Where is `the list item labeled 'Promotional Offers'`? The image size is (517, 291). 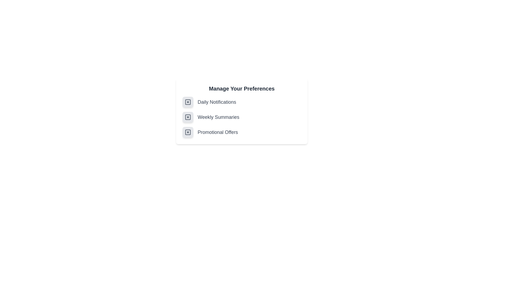
the list item labeled 'Promotional Offers' is located at coordinates (241, 132).